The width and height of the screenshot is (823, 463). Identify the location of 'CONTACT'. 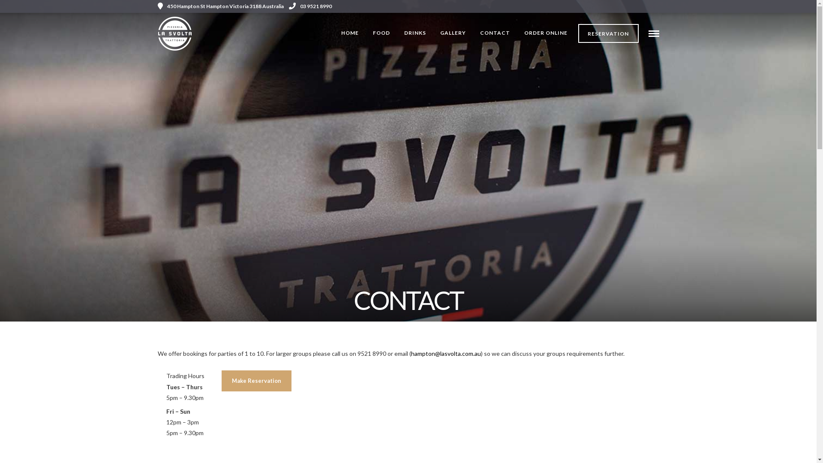
(495, 33).